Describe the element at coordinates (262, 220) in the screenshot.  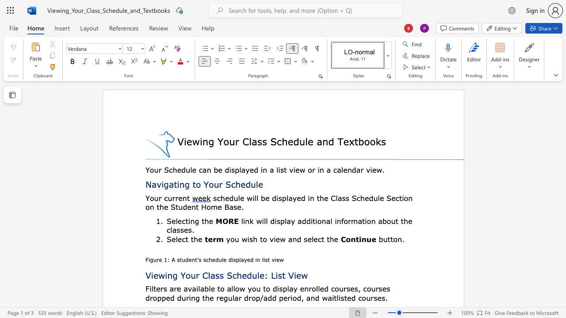
I see `the 2th character "i" in the text` at that location.